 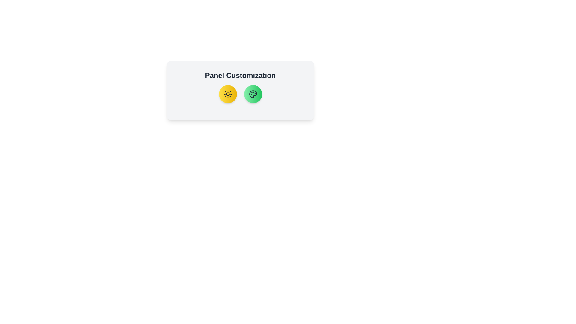 What do you see at coordinates (227, 94) in the screenshot?
I see `the leftmost circular button with a yellow gradient background, which is used for sun-related or brightness-related options` at bounding box center [227, 94].